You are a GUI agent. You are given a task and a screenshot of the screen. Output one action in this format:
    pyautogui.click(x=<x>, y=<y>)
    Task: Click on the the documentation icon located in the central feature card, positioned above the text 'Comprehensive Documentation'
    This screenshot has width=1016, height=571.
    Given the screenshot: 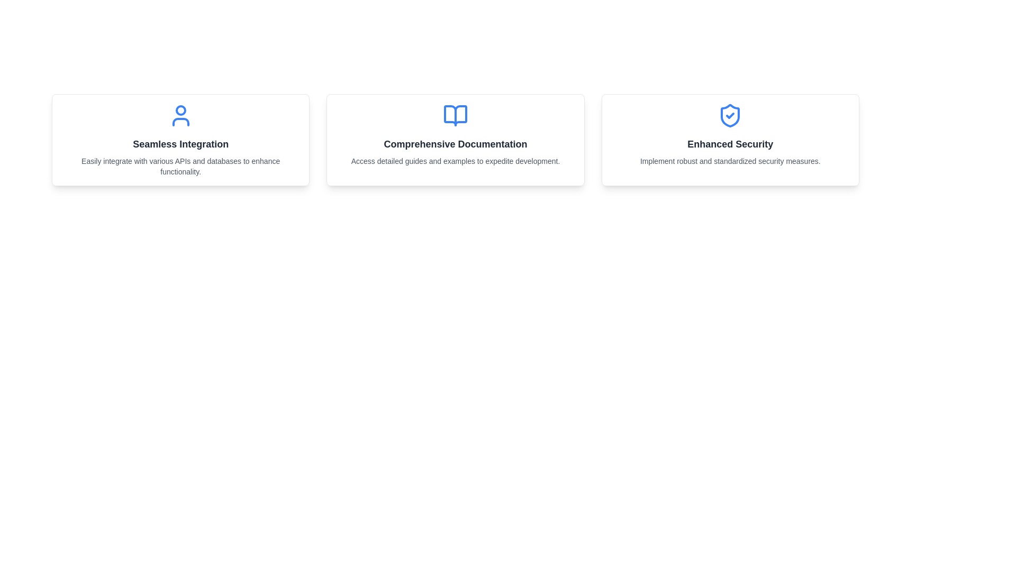 What is the action you would take?
    pyautogui.click(x=455, y=116)
    